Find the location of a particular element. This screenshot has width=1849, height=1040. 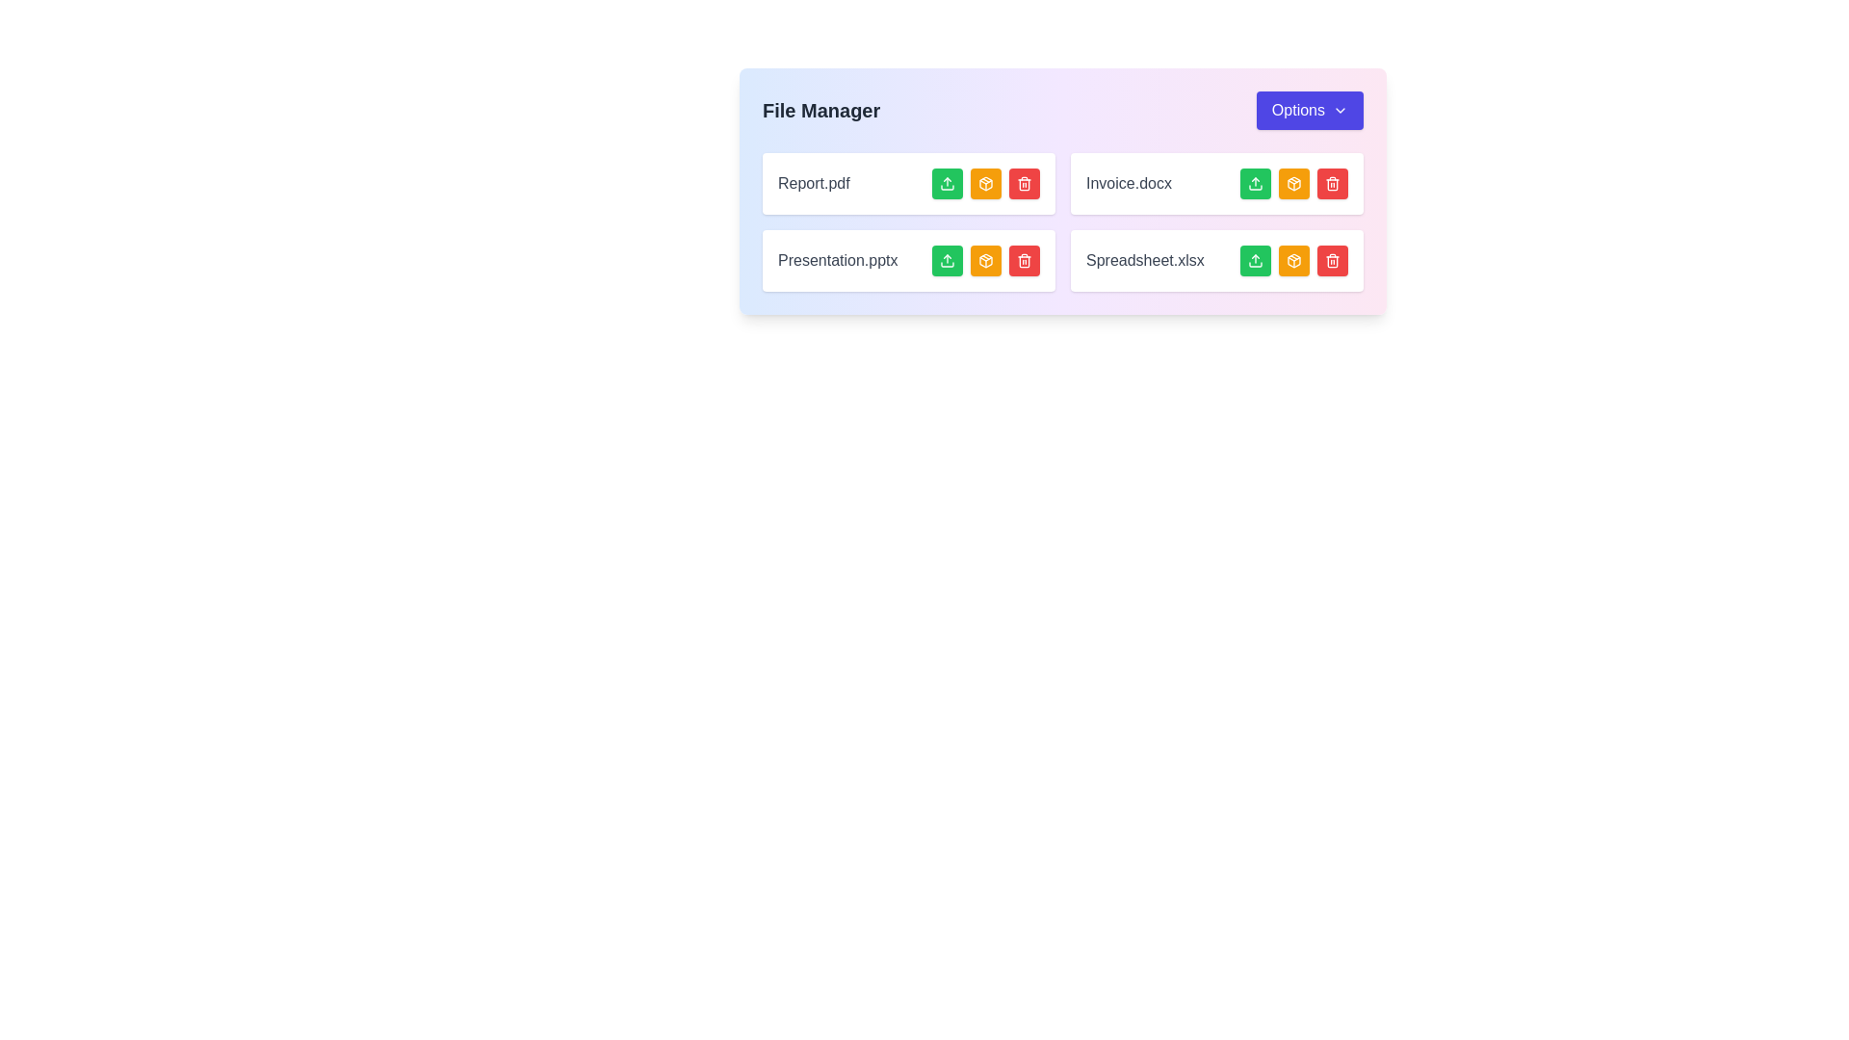

the static text label that displays the name of a file, which is located at the top left of a group of file entry listings, positioned to the left of three action buttons colored green, orange, and red is located at coordinates (814, 184).